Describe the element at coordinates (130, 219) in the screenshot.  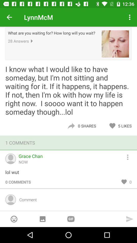
I see `send typed comment` at that location.